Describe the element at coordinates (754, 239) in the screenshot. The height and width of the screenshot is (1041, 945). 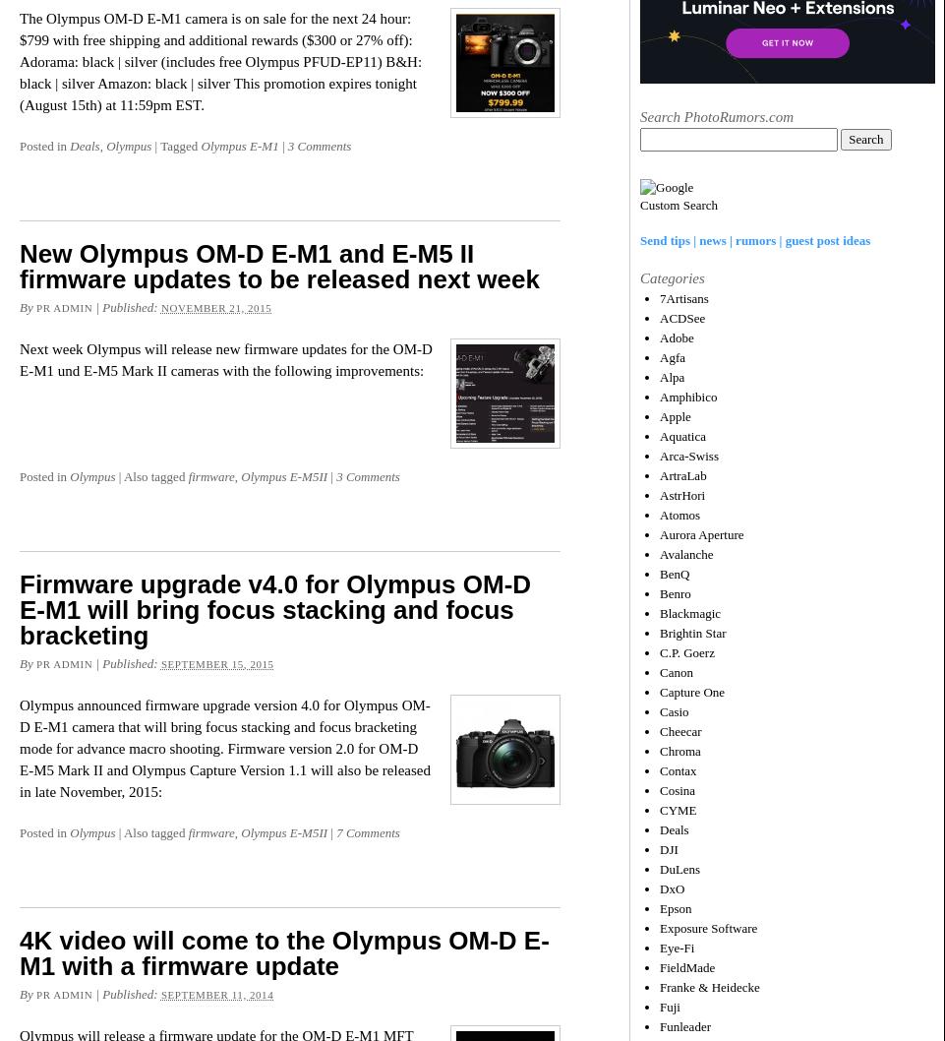
I see `'Send tips | news | rumors | guest post ideas'` at that location.